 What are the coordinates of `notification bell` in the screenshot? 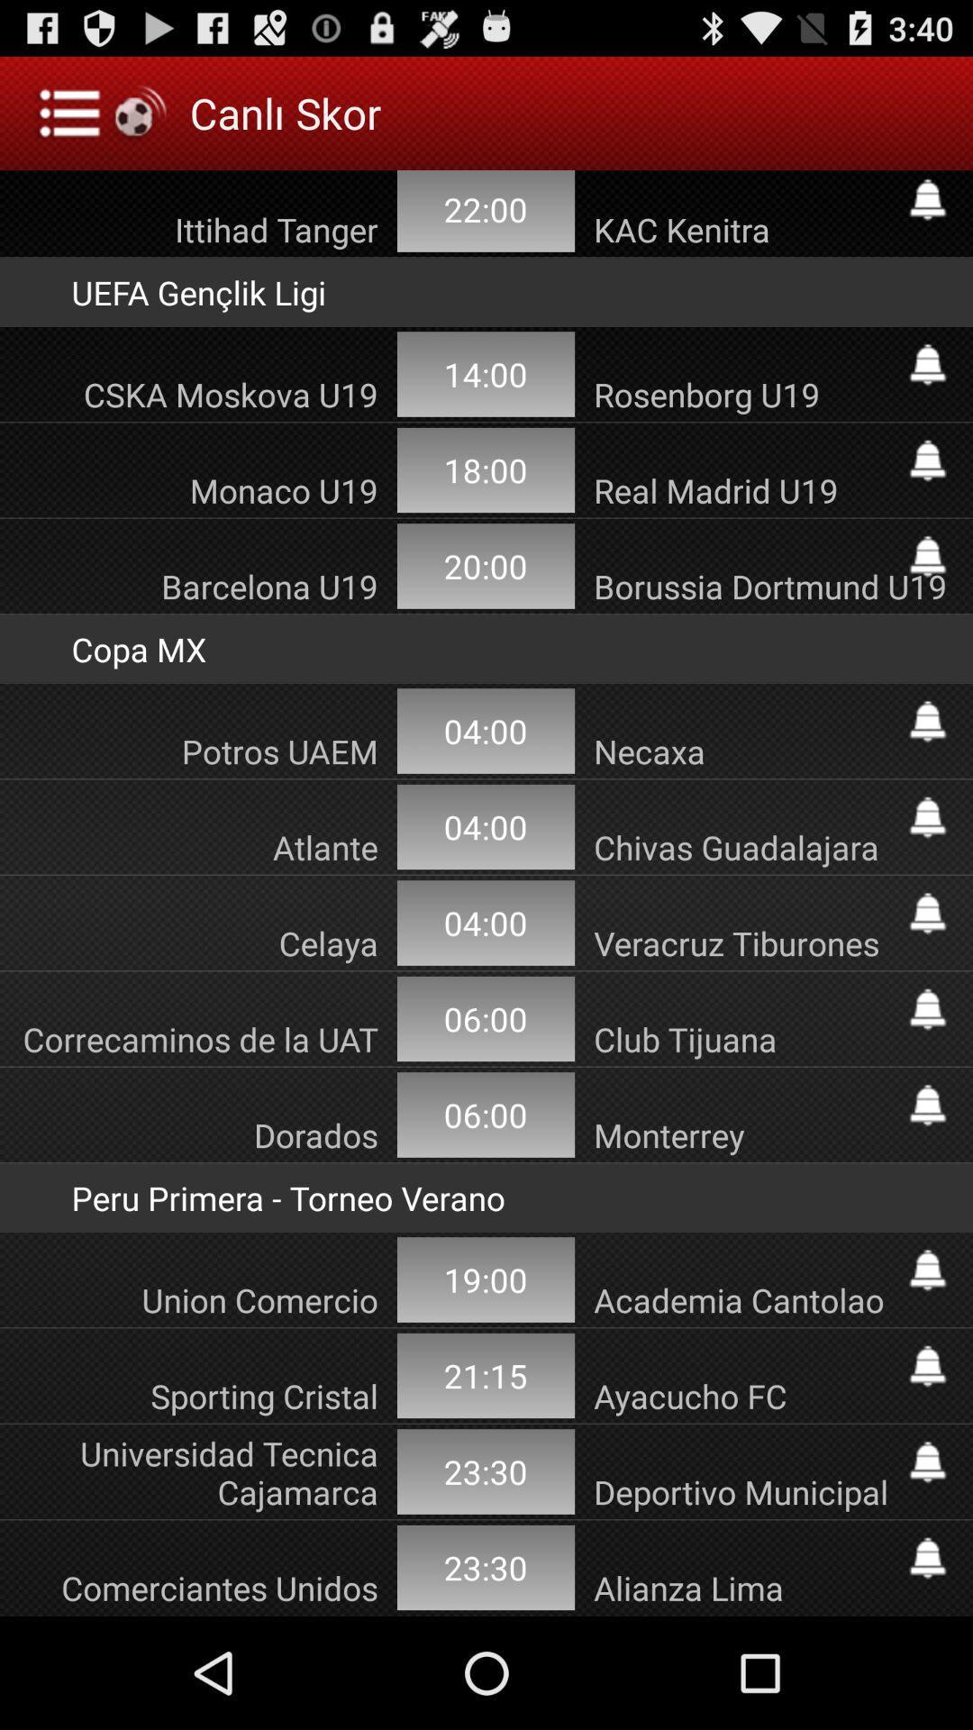 It's located at (927, 1270).